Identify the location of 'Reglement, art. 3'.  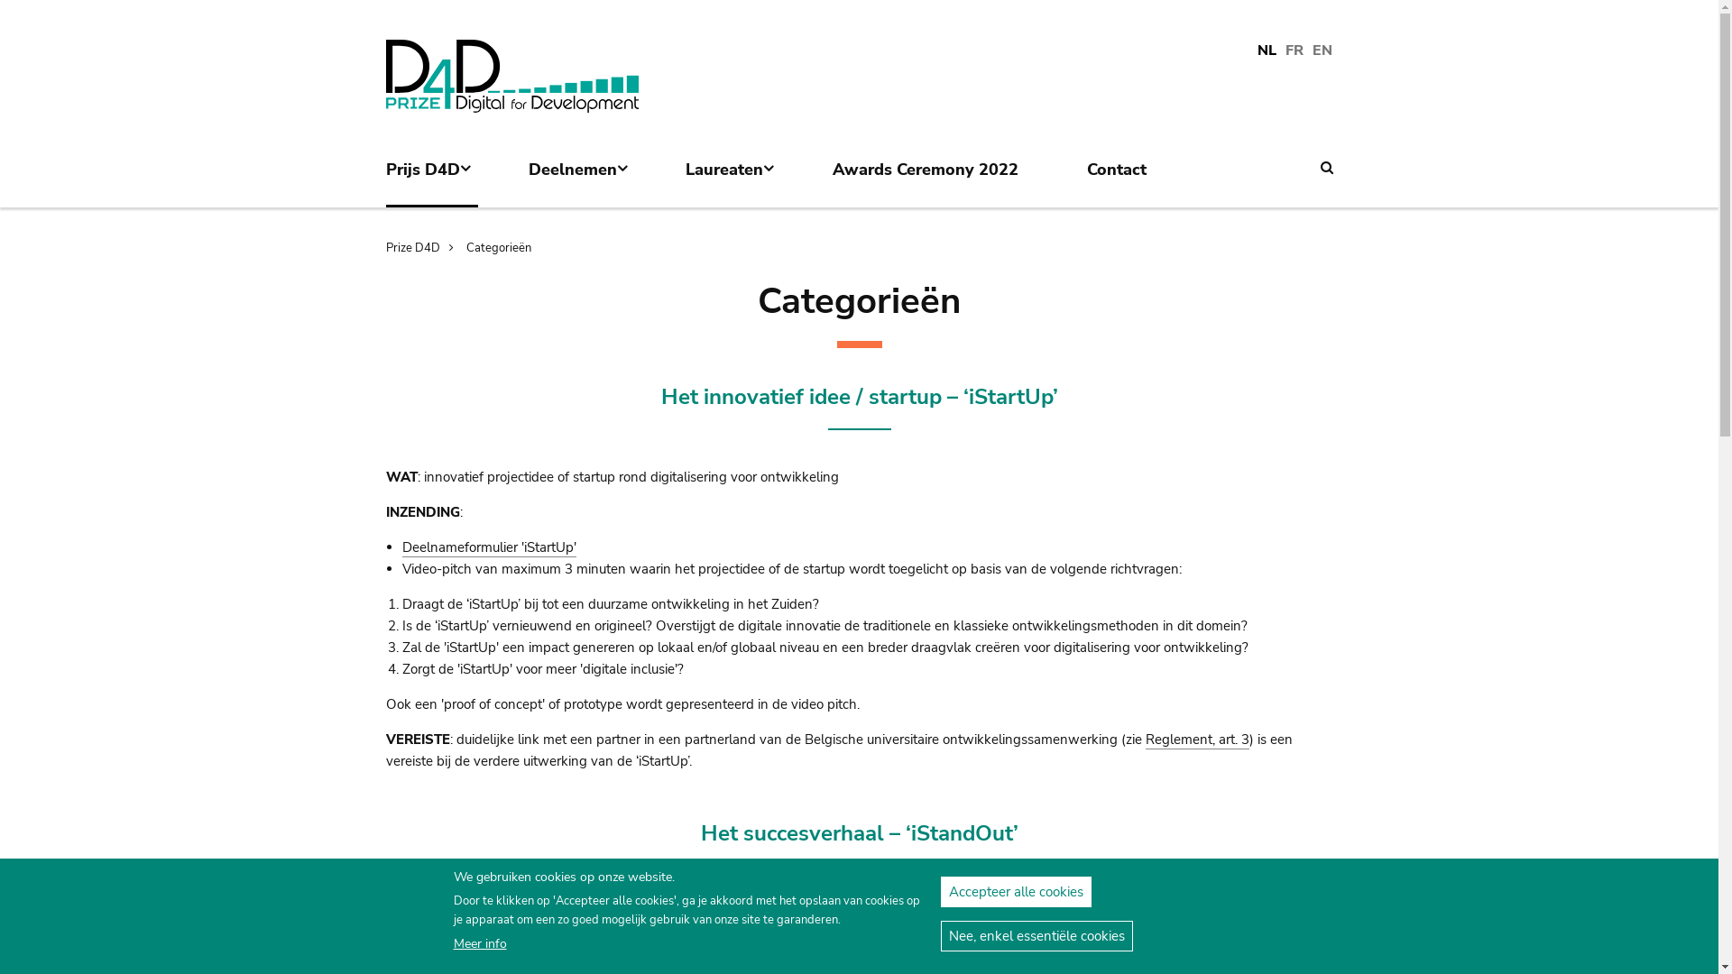
(1197, 740).